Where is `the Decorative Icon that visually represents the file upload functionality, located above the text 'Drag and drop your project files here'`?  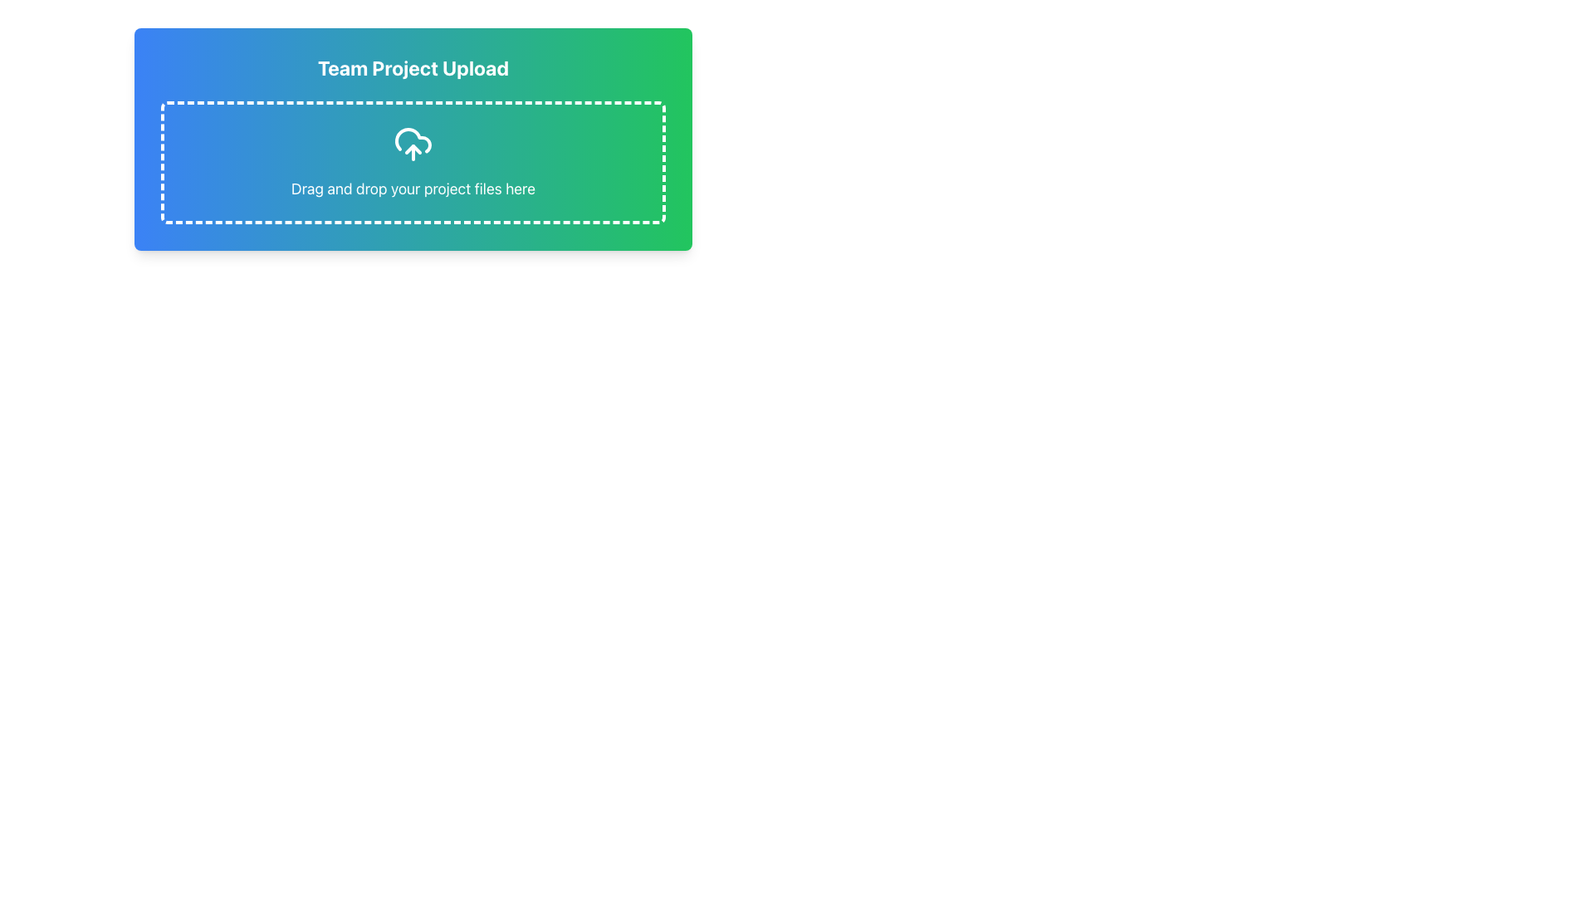
the Decorative Icon that visually represents the file upload functionality, located above the text 'Drag and drop your project files here' is located at coordinates (413, 143).